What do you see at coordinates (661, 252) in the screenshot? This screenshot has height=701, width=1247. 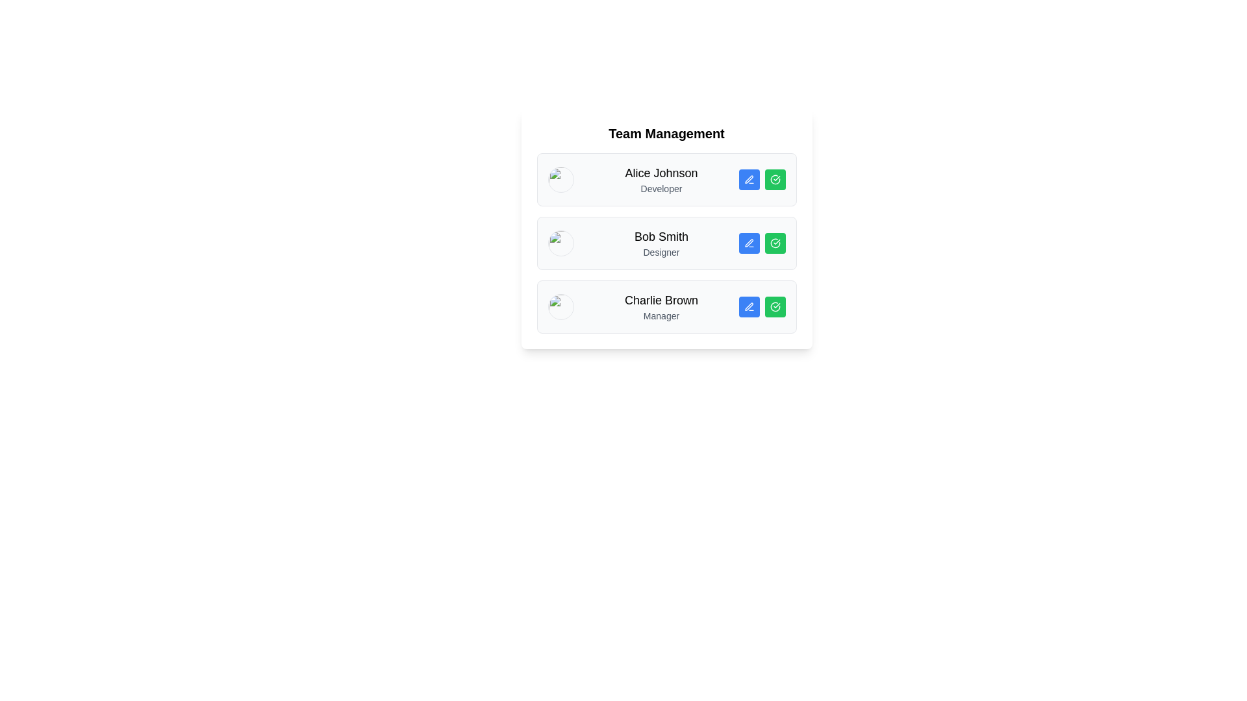 I see `the text label indicating the role 'Designer' for 'Bob Smith', which is positioned below the name within its card` at bounding box center [661, 252].